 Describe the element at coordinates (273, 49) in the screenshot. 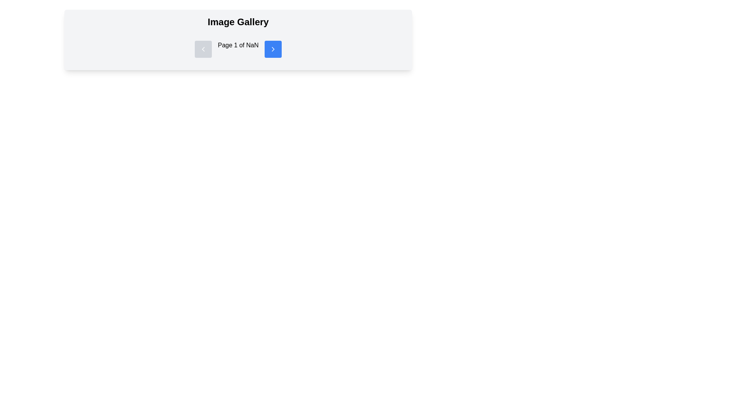

I see `the SVG icon within the blue-rounded button on the right end of the pagination control bar to navigate to the next page` at that location.